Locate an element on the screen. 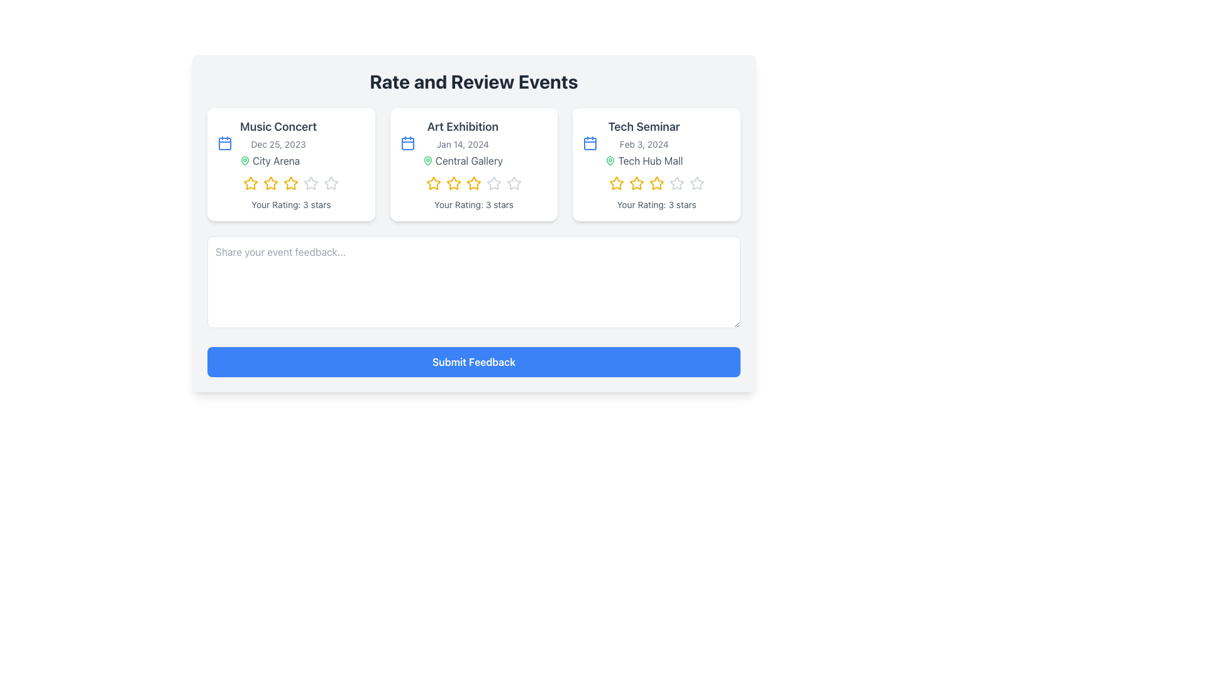  the third star in the 5-star rating system located in the 'Art Exhibition' section is located at coordinates (473, 184).